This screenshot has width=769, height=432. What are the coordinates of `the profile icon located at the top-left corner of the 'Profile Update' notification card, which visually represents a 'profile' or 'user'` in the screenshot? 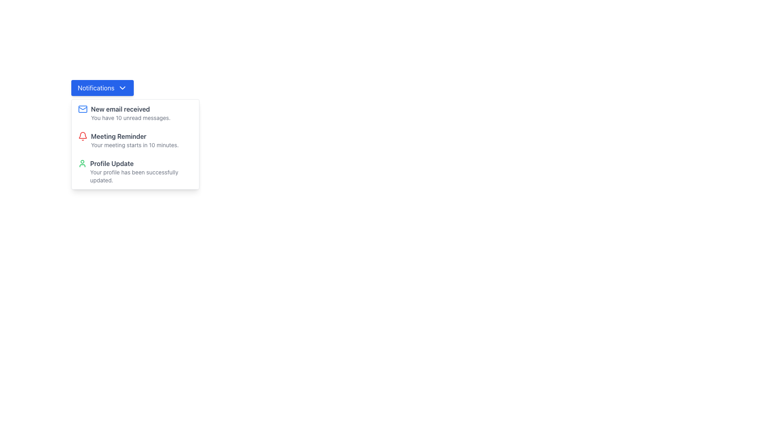 It's located at (83, 163).